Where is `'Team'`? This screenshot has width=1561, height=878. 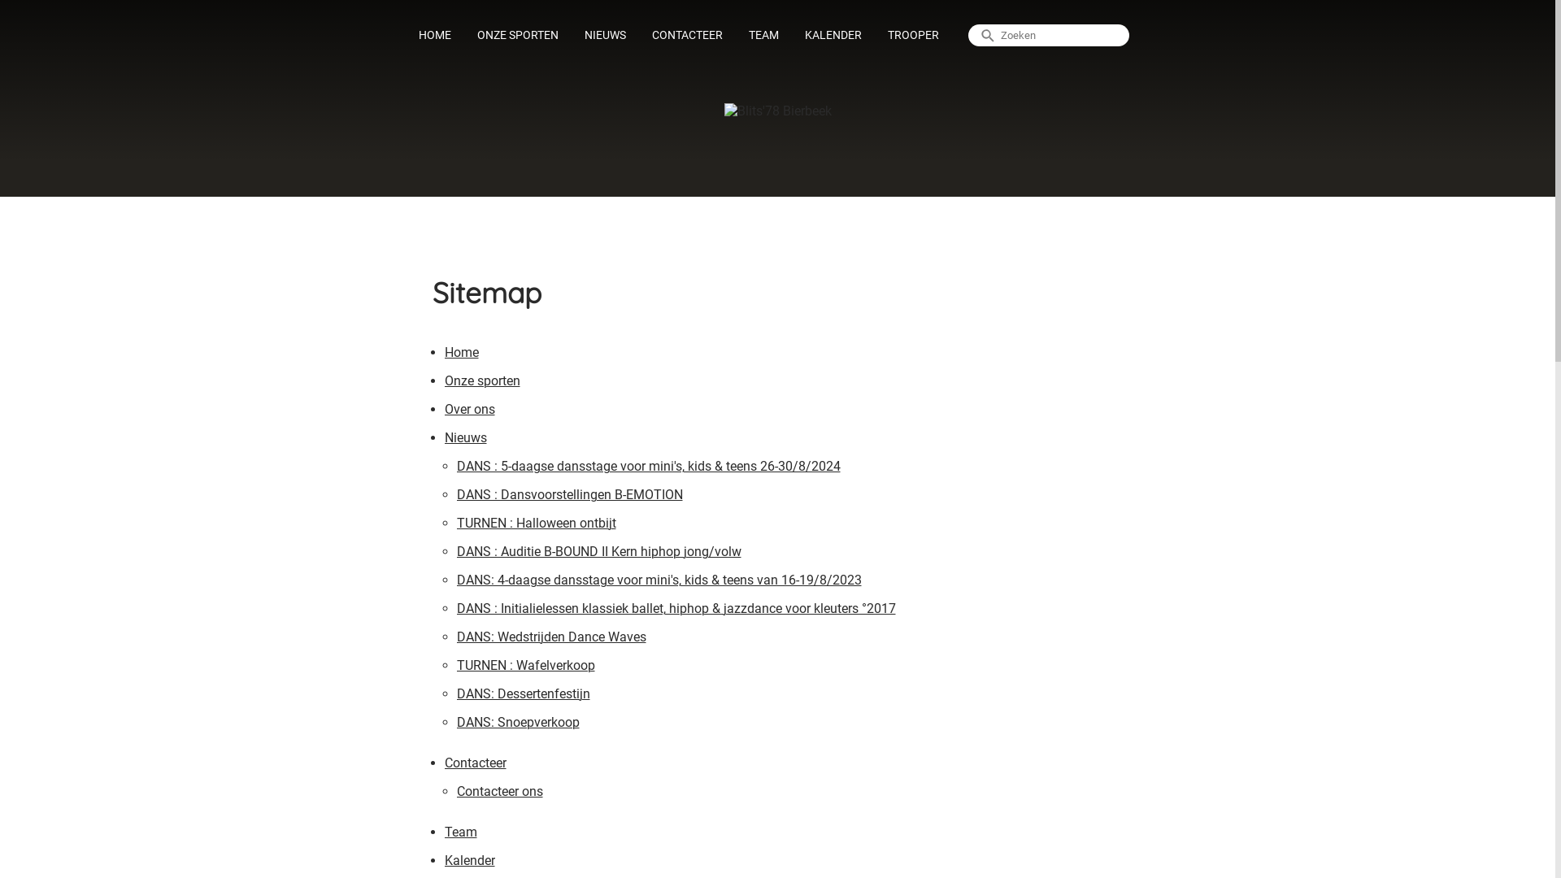 'Team' is located at coordinates (459, 834).